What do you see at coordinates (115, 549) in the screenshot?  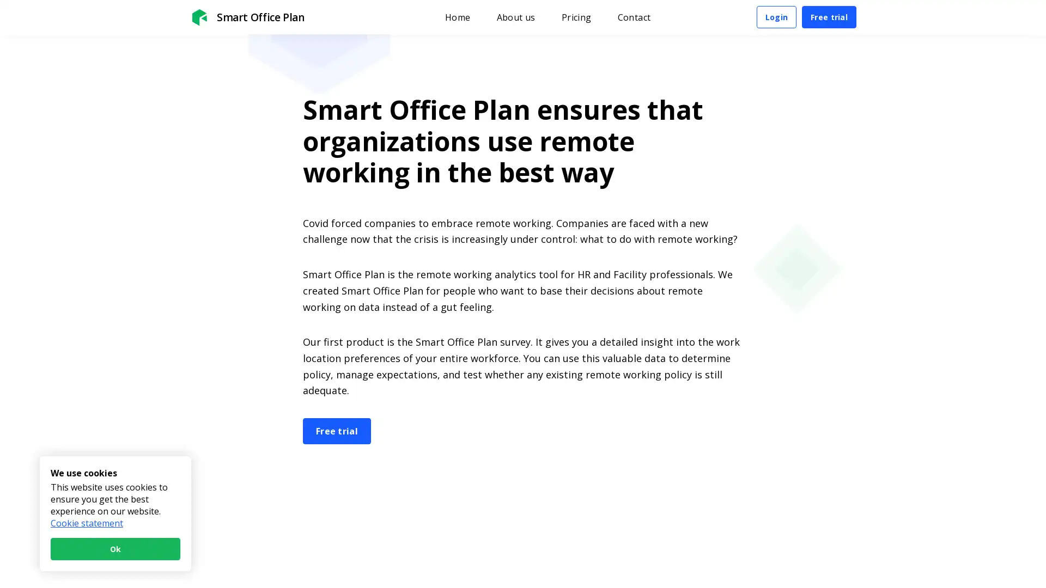 I see `Ok` at bounding box center [115, 549].